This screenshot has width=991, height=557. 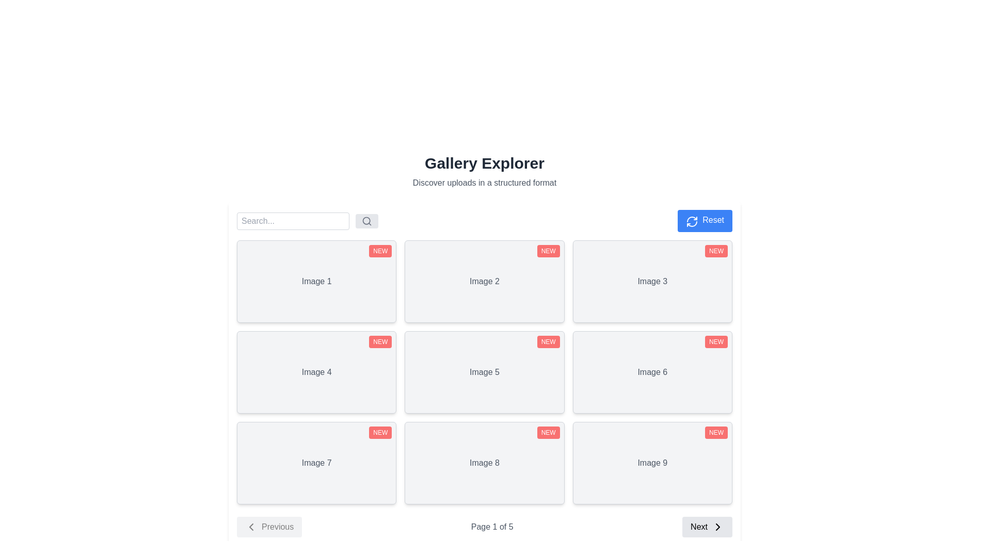 What do you see at coordinates (548, 433) in the screenshot?
I see `the badge located at the top-right corner of the 'Image 8' card which indicates new or updated content` at bounding box center [548, 433].